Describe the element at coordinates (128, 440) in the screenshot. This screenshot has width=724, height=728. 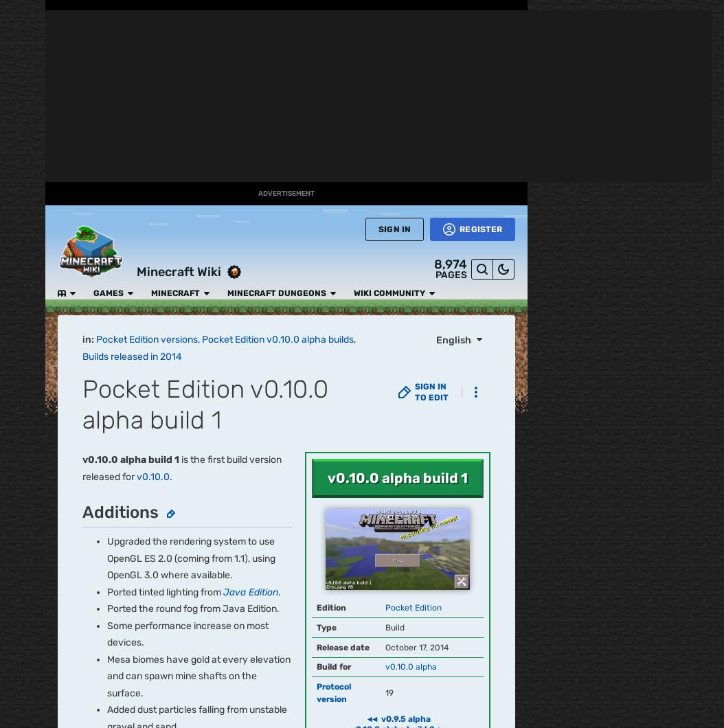
I see `'More Fandoms'` at that location.